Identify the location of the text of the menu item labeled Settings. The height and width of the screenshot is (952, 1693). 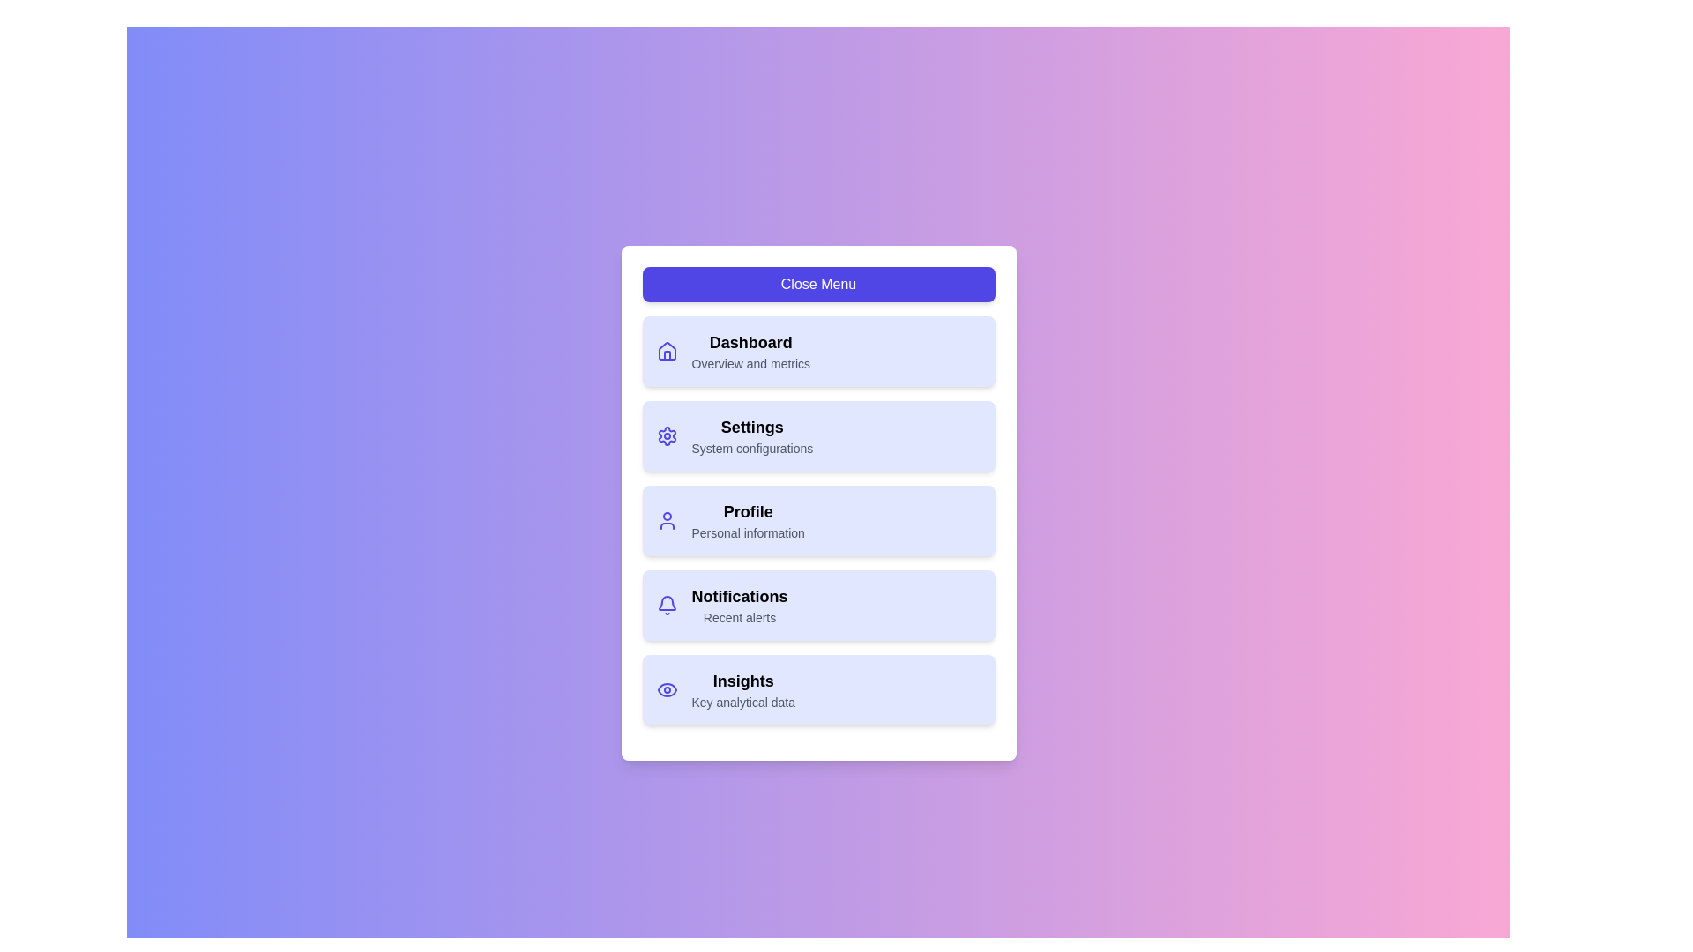
(752, 428).